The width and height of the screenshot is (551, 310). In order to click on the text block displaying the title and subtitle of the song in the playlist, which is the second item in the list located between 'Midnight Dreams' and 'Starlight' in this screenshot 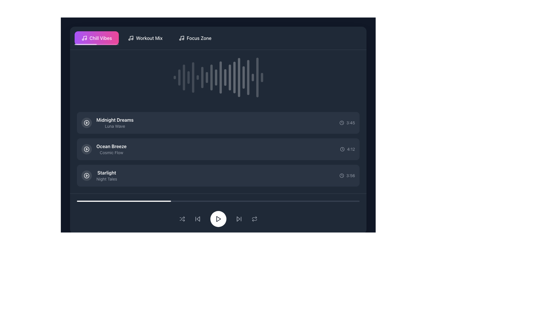, I will do `click(104, 149)`.